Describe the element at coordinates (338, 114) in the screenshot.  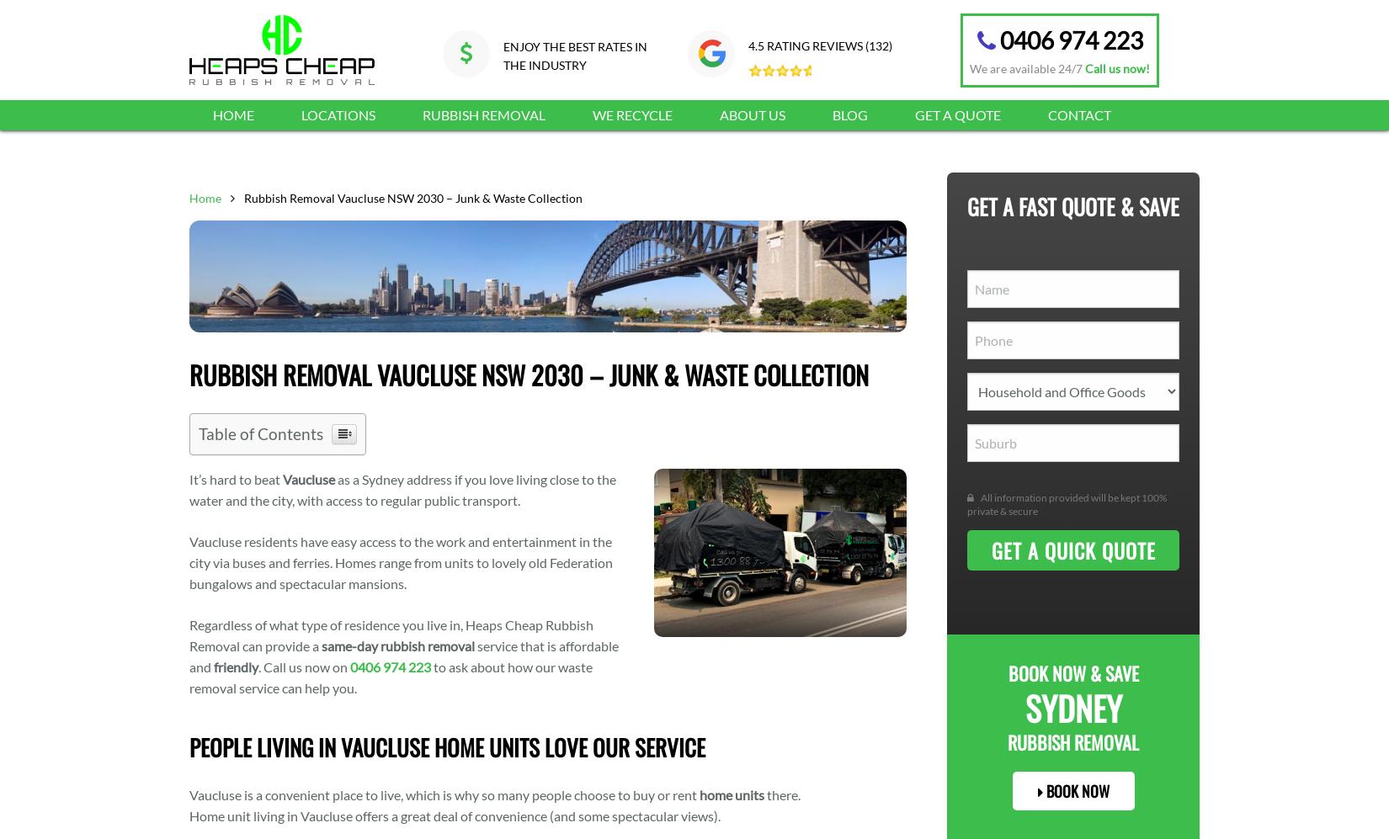
I see `'Locations'` at that location.